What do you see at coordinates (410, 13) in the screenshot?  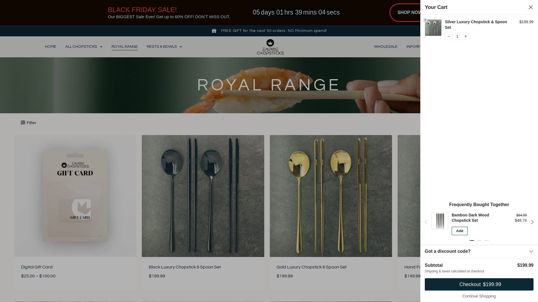 I see `'SHOP NOW'` at bounding box center [410, 13].